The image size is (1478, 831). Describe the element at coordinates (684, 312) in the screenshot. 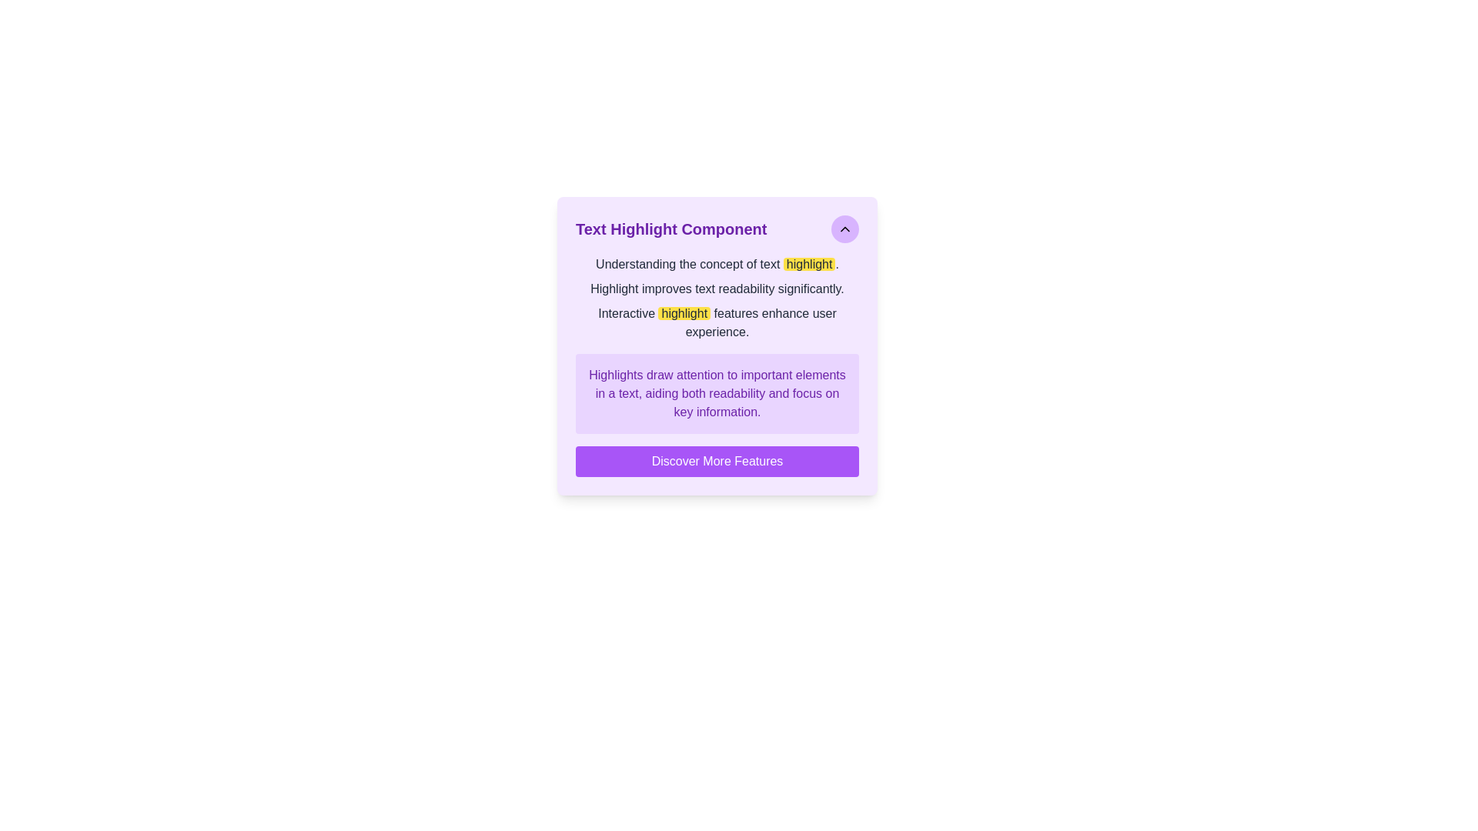

I see `the styled text 'highlight' within the 'Text Highlight Component' box to emphasize its importance` at that location.